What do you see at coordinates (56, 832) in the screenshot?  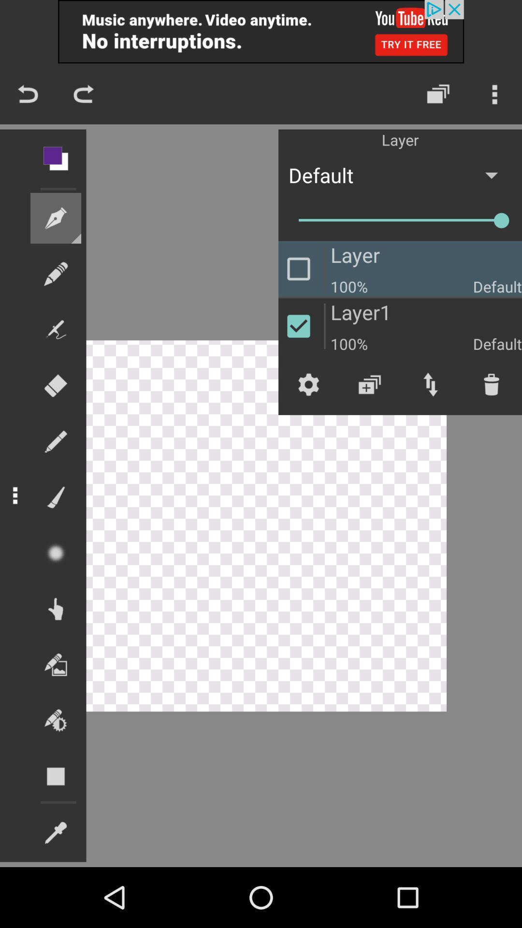 I see `the edit icon` at bounding box center [56, 832].